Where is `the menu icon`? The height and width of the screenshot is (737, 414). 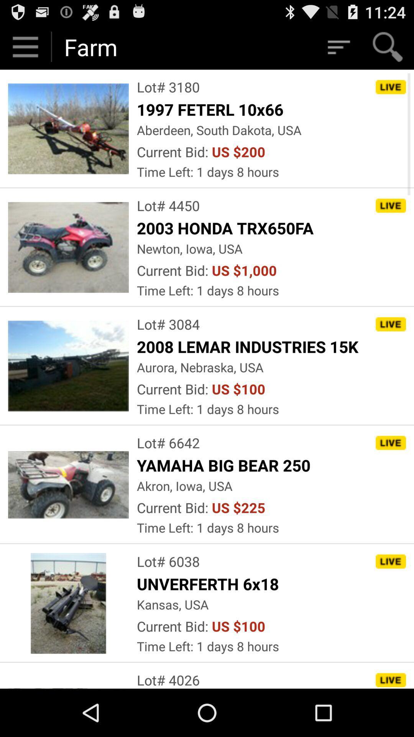
the menu icon is located at coordinates (25, 50).